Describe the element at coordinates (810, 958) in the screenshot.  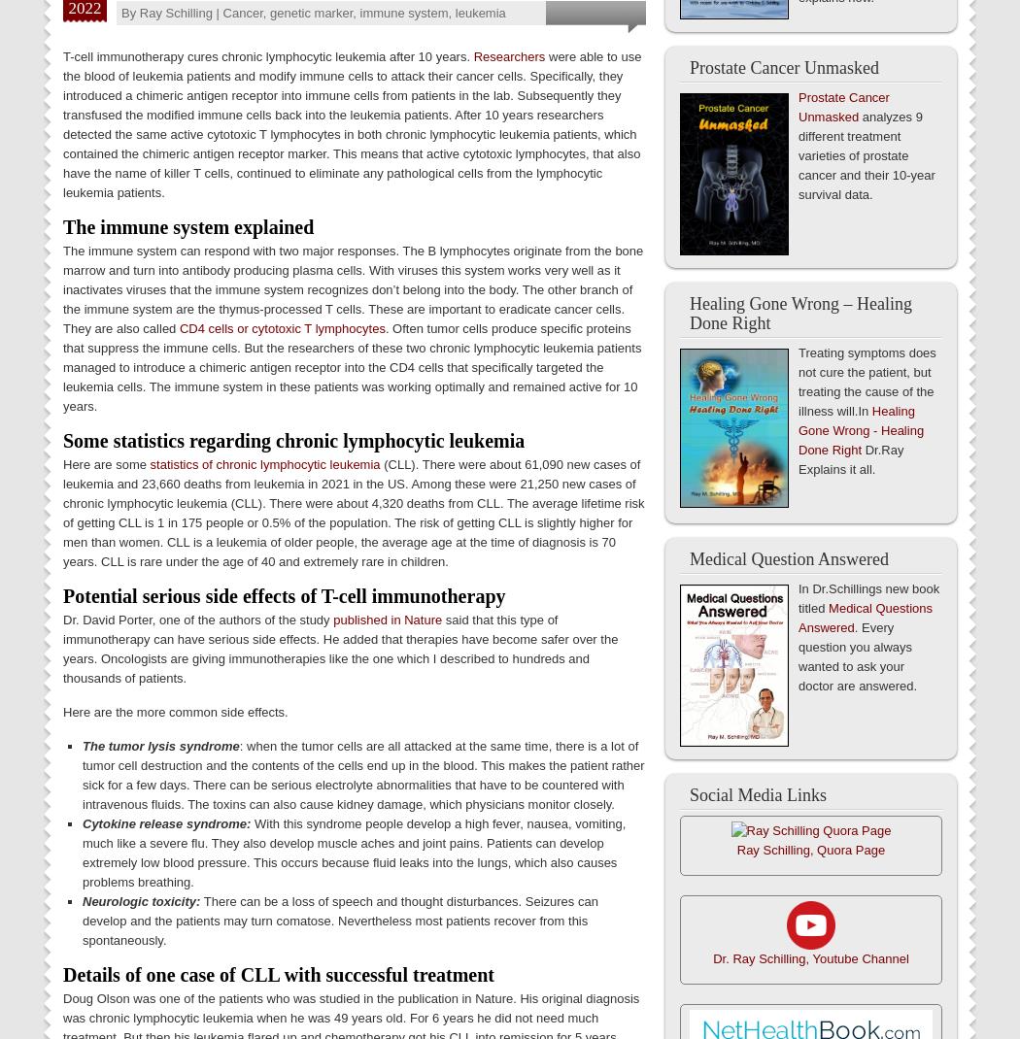
I see `'Dr. Ray Schilling, Youtube Channel'` at that location.